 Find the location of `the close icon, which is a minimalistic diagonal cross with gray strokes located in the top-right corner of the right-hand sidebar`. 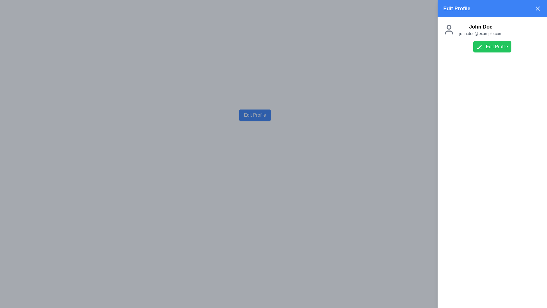

the close icon, which is a minimalistic diagonal cross with gray strokes located in the top-right corner of the right-hand sidebar is located at coordinates (537, 9).